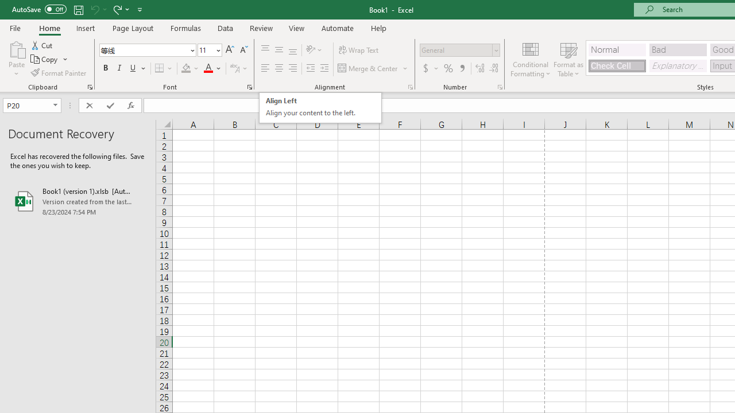  Describe the element at coordinates (278, 68) in the screenshot. I see `'Center'` at that location.